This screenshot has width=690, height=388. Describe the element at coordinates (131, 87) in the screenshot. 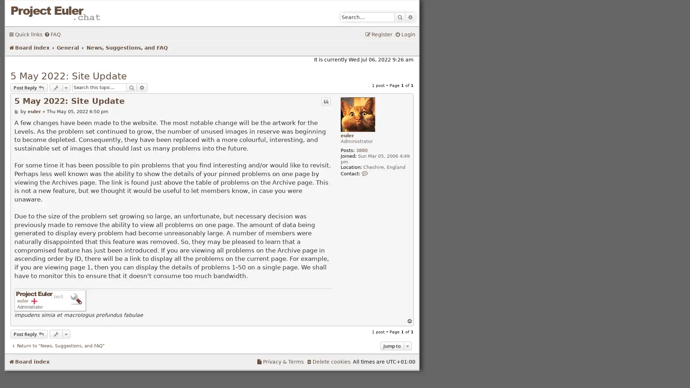

I see `Search` at that location.